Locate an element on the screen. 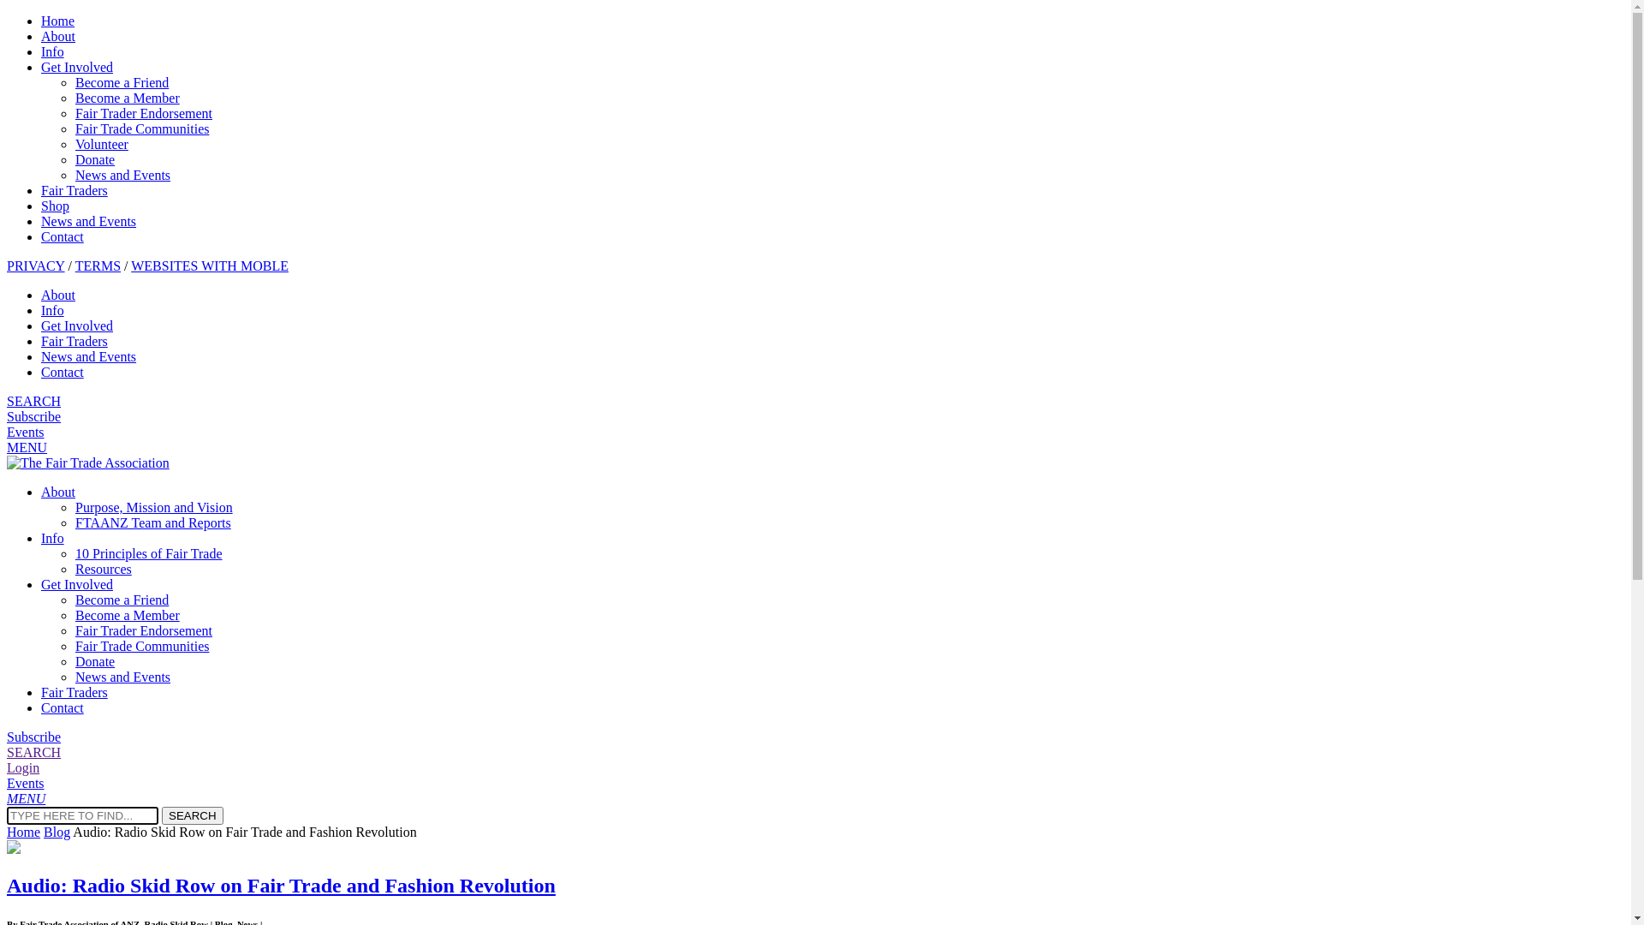  'Donate' is located at coordinates (93, 159).